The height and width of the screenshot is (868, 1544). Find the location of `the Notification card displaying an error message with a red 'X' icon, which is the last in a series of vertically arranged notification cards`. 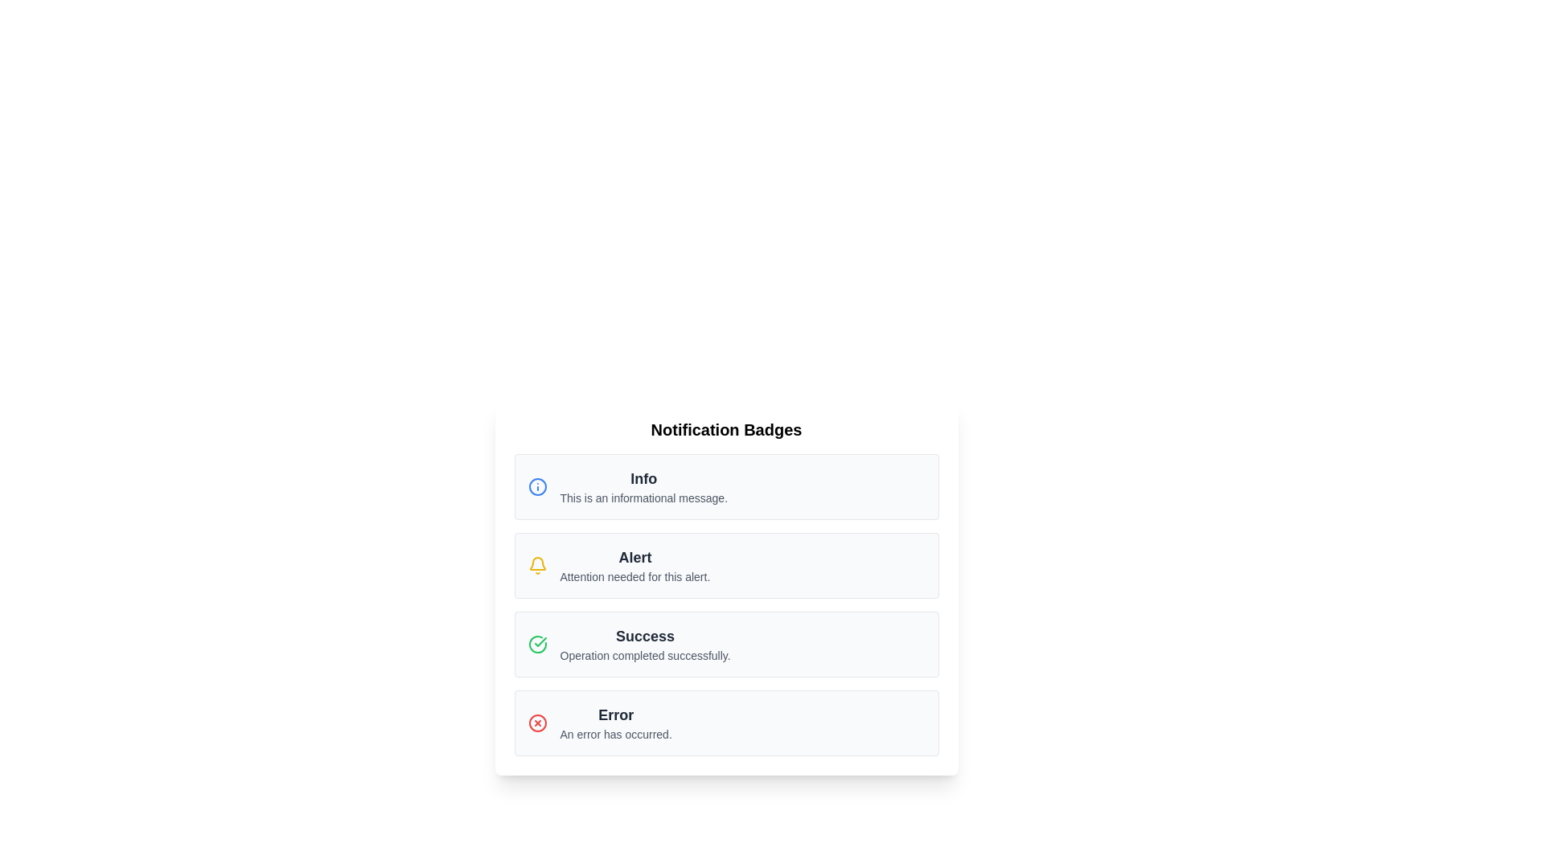

the Notification card displaying an error message with a red 'X' icon, which is the last in a series of vertically arranged notification cards is located at coordinates (725, 722).